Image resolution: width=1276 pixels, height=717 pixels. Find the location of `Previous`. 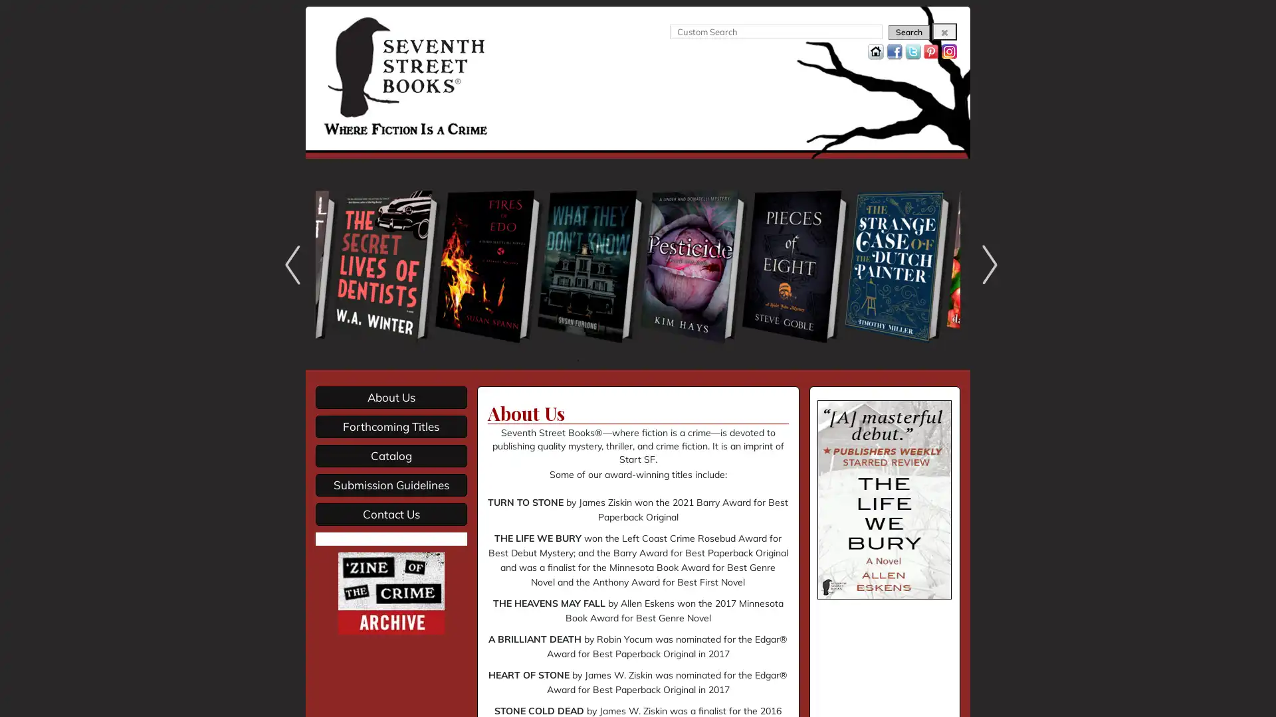

Previous is located at coordinates (288, 264).